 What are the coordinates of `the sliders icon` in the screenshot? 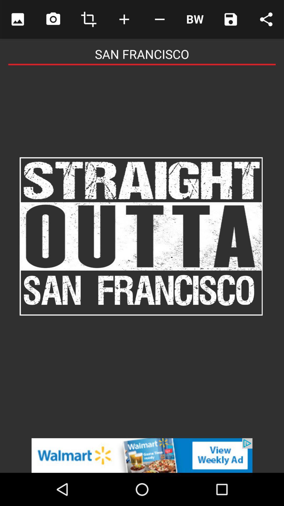 It's located at (195, 19).